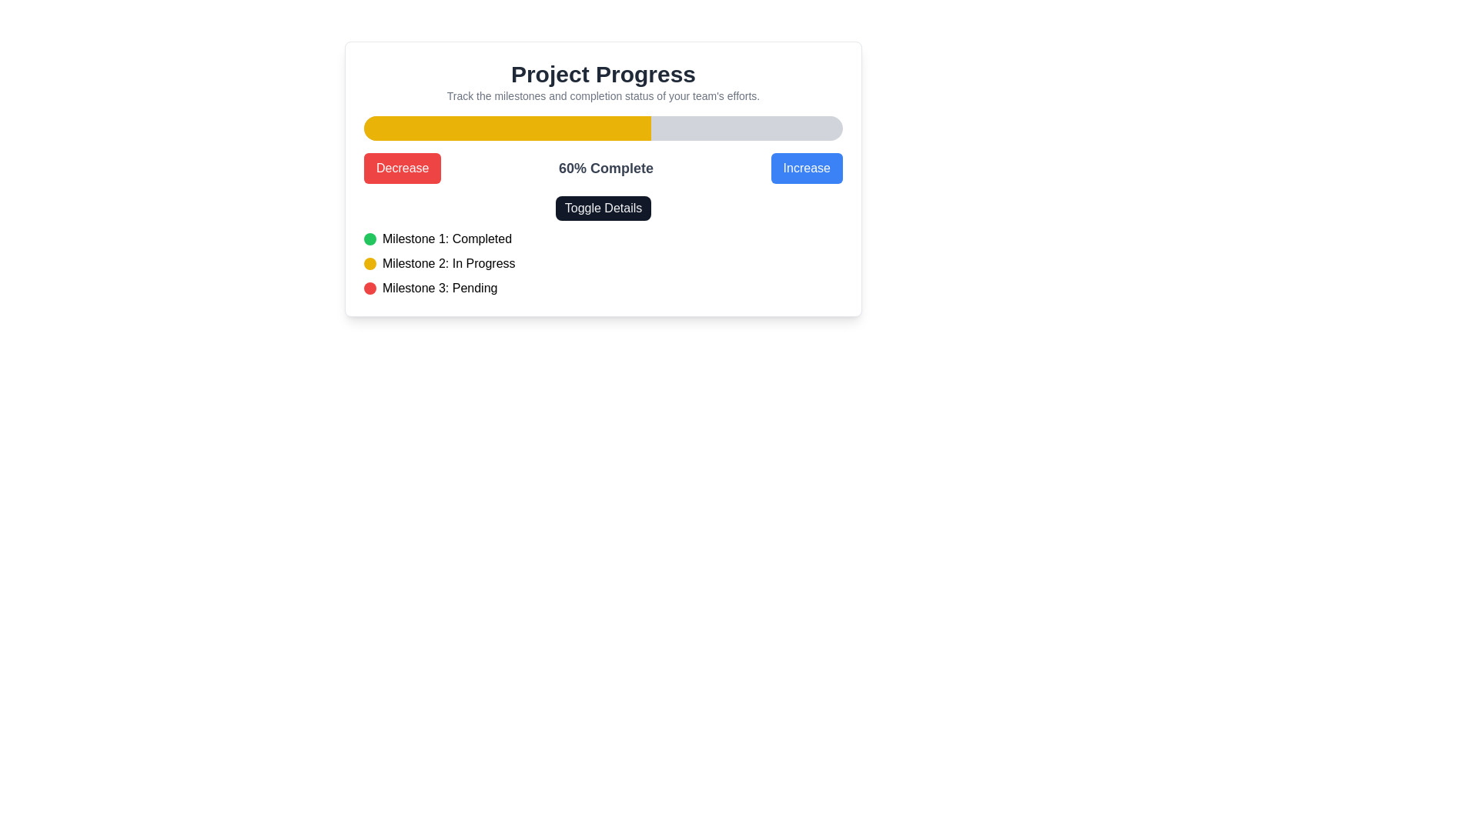 This screenshot has height=831, width=1478. I want to click on the 'Toggle Details' button, which is a rectangular button with rounded corners, black background, and white text, located under the '60% Complete' progress bar, so click(602, 208).